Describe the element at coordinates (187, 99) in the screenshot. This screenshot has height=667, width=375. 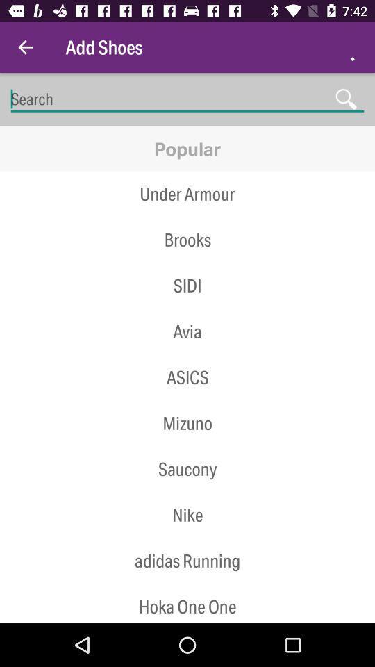
I see `type any word to search` at that location.